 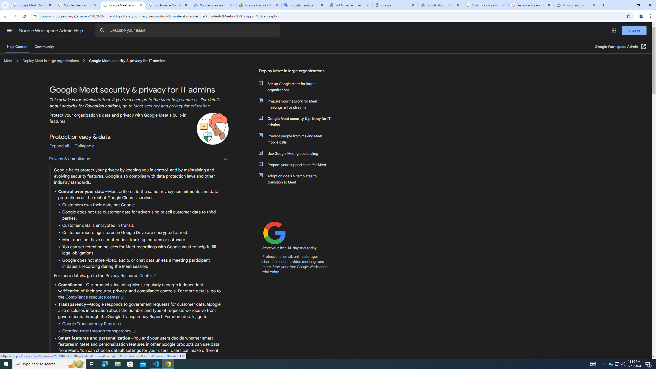 I want to click on 'Start your free 14-day trial today', so click(x=289, y=248).